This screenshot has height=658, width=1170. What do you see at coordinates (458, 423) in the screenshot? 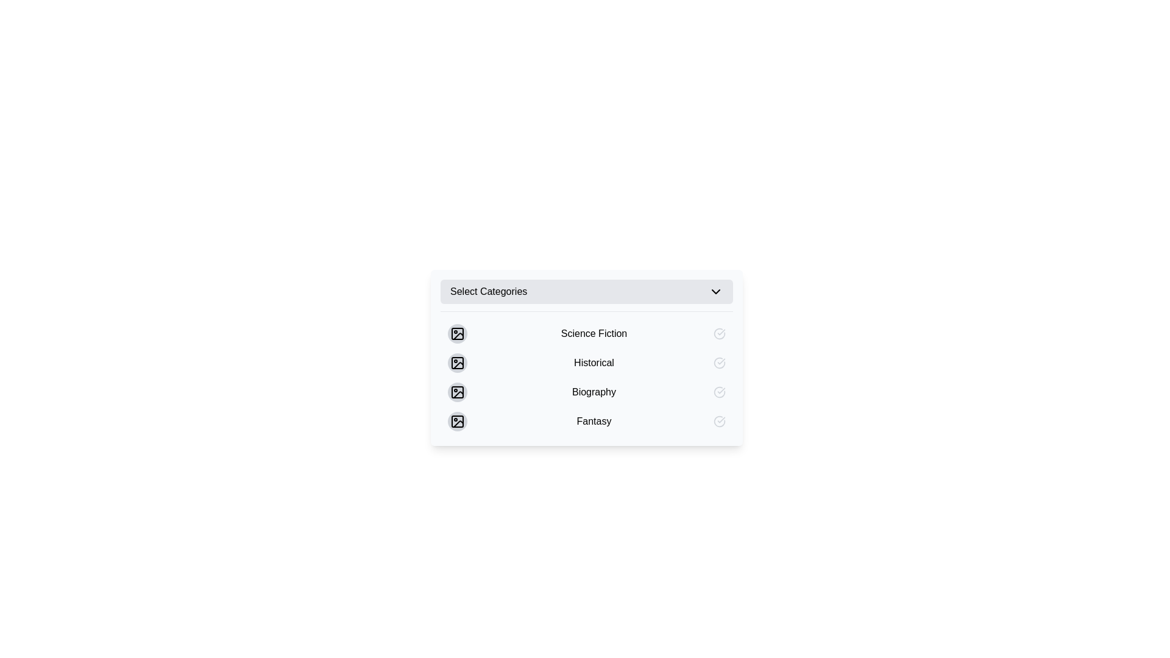
I see `the third image icon representing the 'Fantasy' category, which visually depicts a corner of an image within a square icon` at bounding box center [458, 423].